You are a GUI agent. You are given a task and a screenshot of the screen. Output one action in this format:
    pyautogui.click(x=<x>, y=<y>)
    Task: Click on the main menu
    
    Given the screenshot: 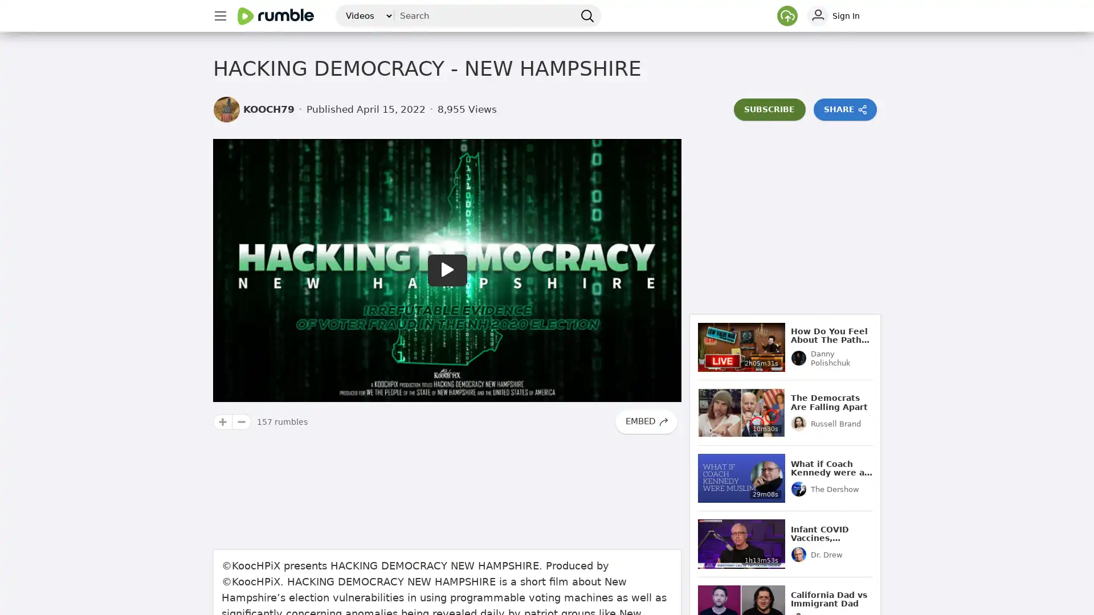 What is the action you would take?
    pyautogui.click(x=219, y=15)
    